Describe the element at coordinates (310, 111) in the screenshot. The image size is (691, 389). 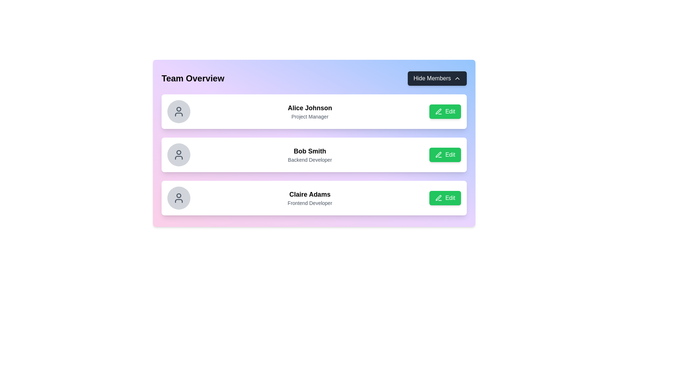
I see `the Static text display showing 'Alice Johnson' and 'Project Manager' in the first user information card located below 'Team Overview'` at that location.